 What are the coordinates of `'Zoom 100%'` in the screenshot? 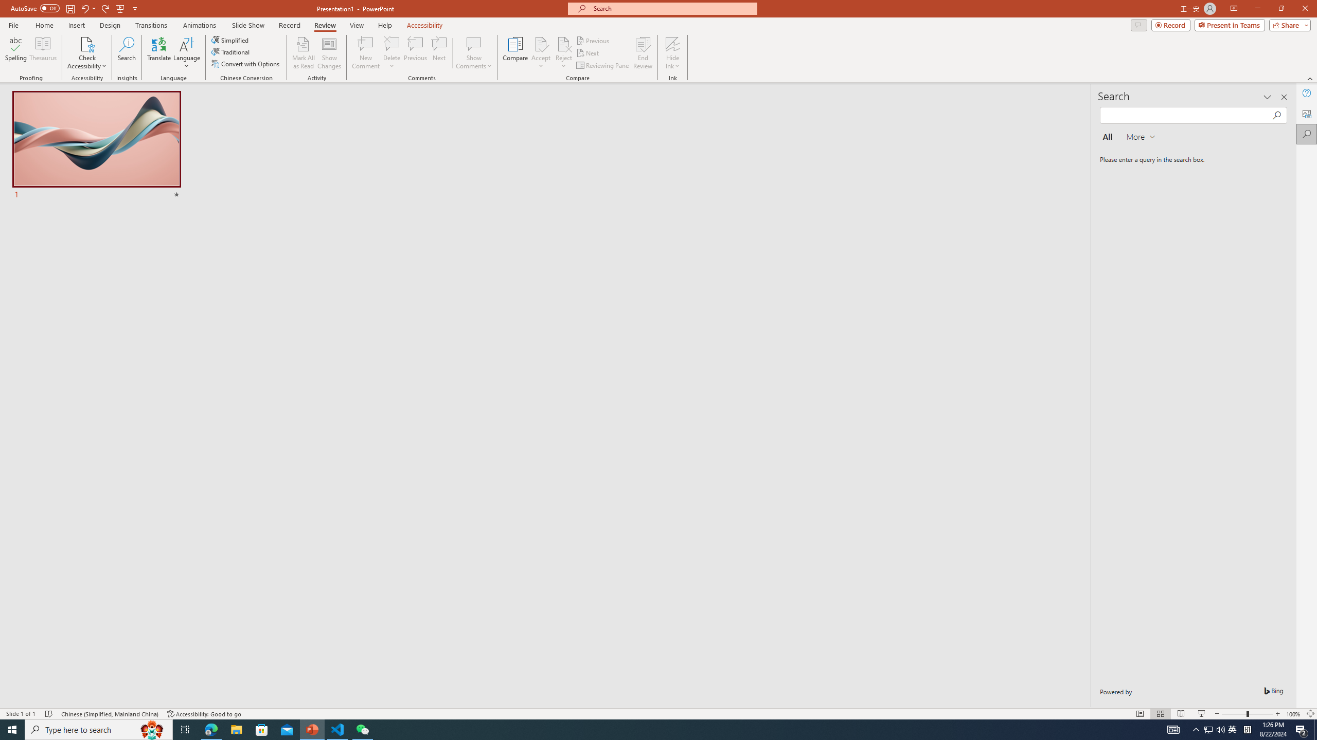 It's located at (1294, 714).